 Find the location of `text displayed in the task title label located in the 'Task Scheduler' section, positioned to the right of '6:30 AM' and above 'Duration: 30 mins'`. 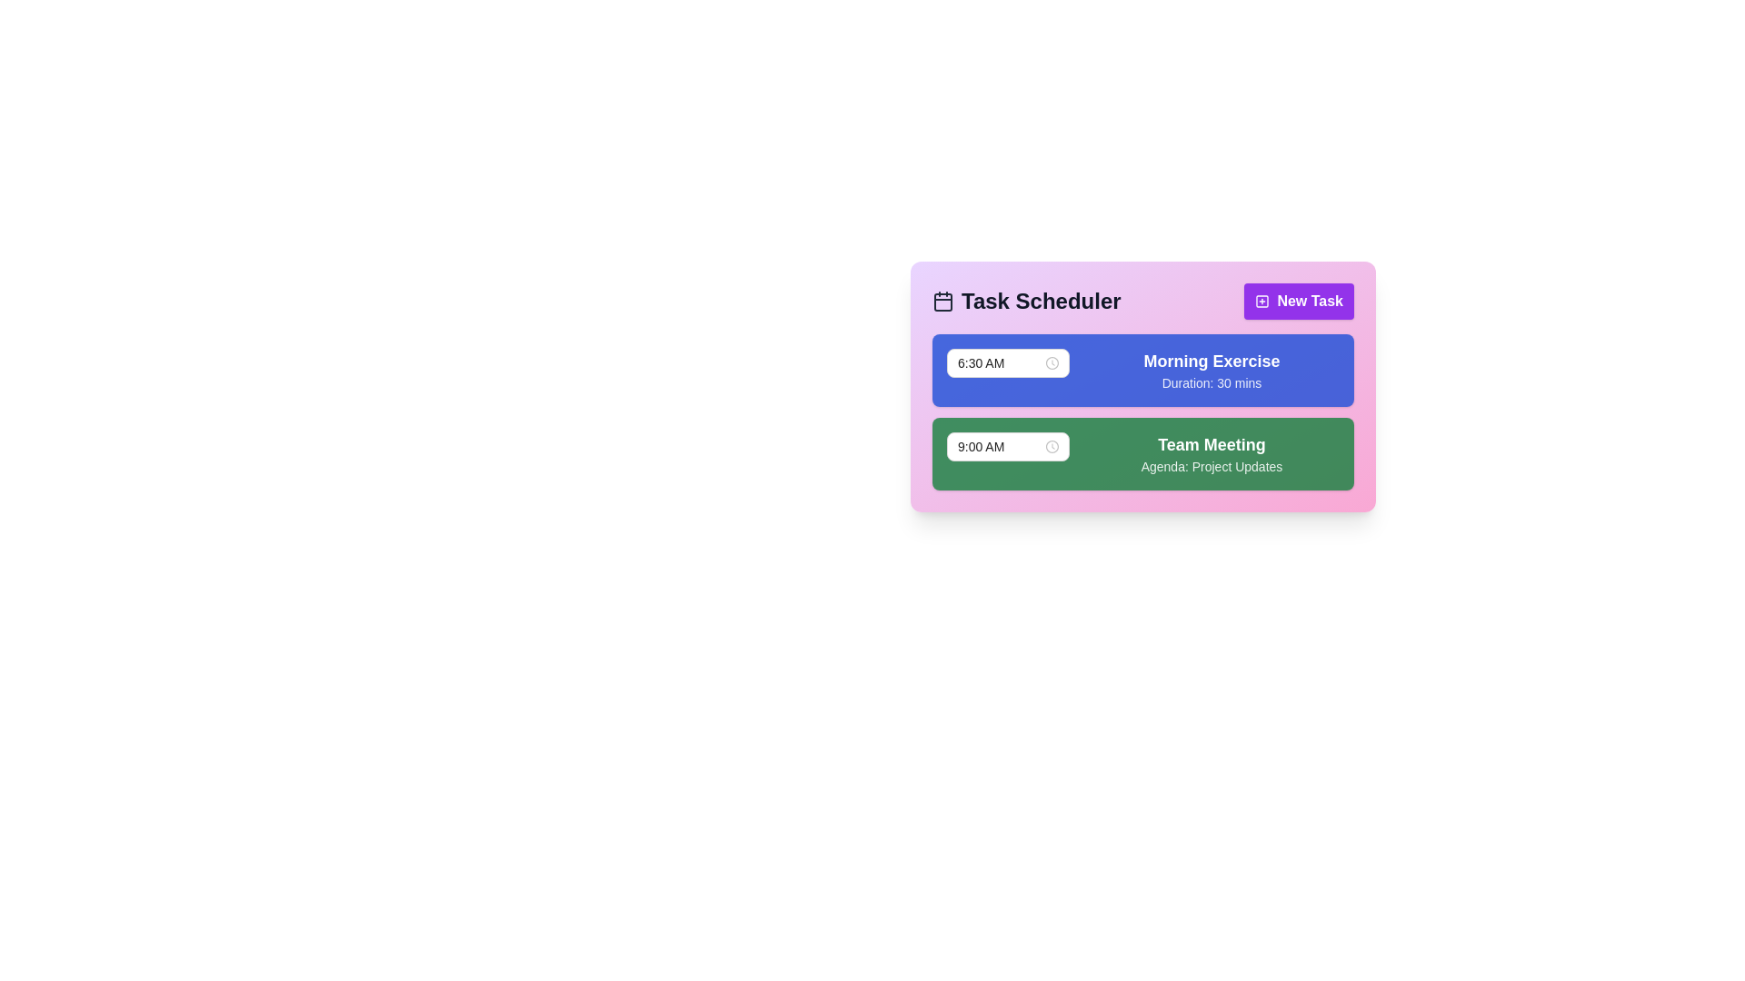

text displayed in the task title label located in the 'Task Scheduler' section, positioned to the right of '6:30 AM' and above 'Duration: 30 mins' is located at coordinates (1212, 361).